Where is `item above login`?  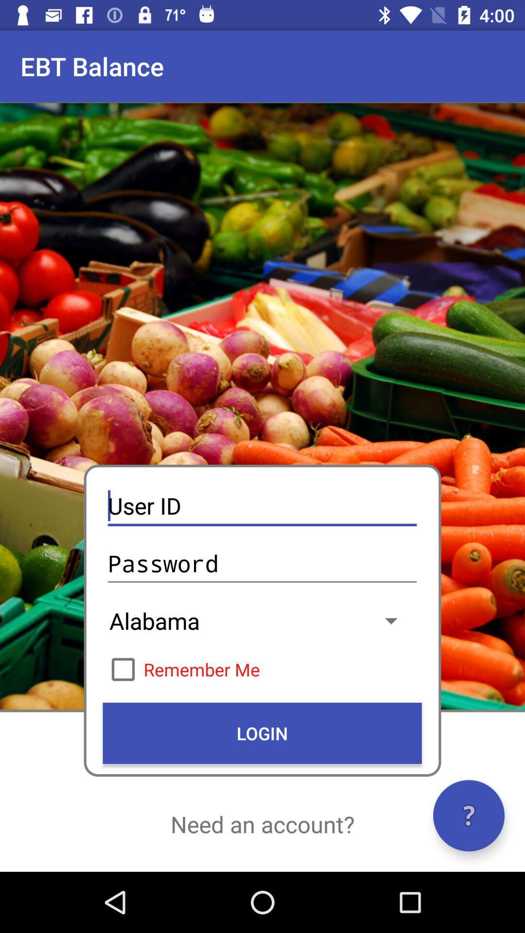 item above login is located at coordinates (262, 669).